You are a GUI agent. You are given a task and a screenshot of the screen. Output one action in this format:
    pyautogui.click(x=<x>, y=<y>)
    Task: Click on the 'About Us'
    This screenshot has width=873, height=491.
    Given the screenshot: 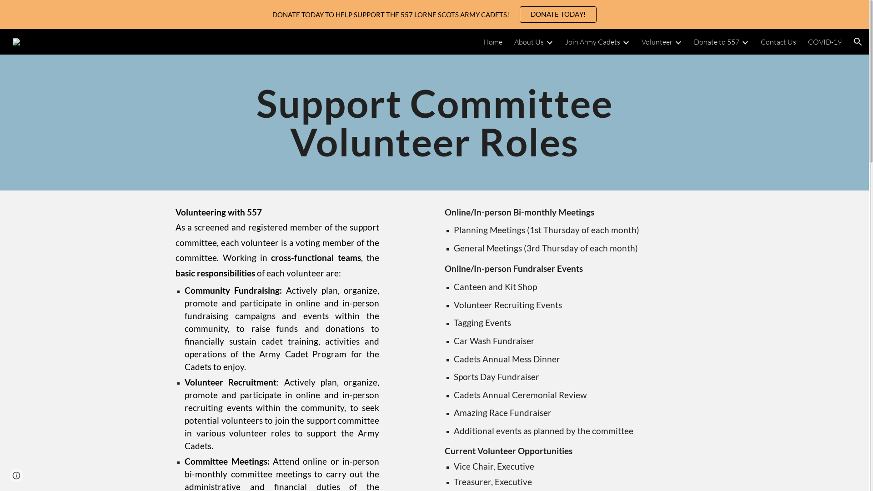 What is the action you would take?
    pyautogui.click(x=529, y=42)
    